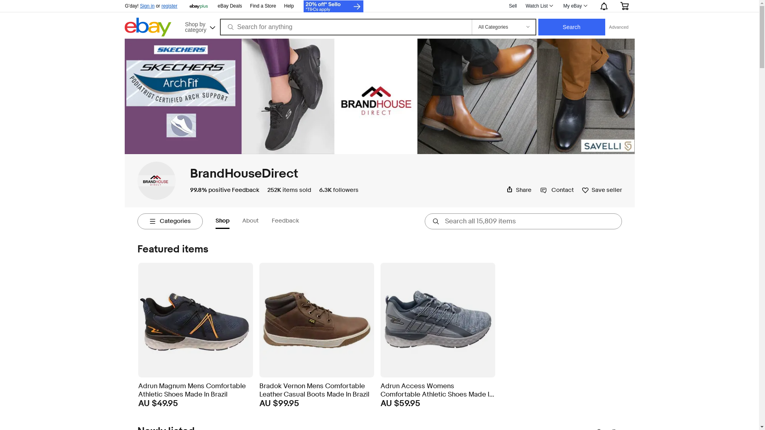 The width and height of the screenshot is (765, 430). What do you see at coordinates (521, 6) in the screenshot?
I see `'Watch List'` at bounding box center [521, 6].